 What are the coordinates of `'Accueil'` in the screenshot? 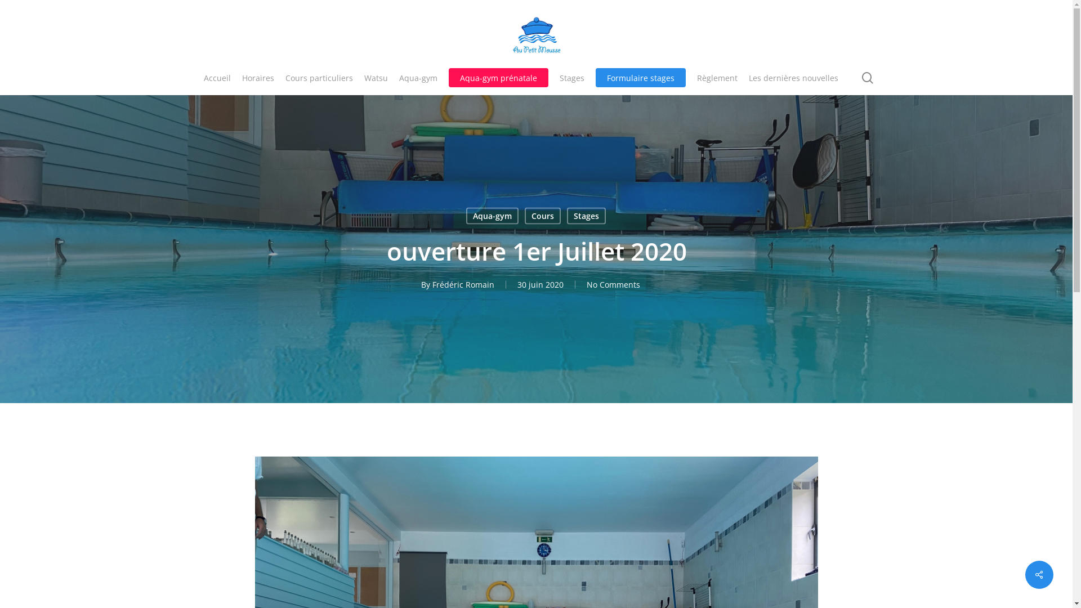 It's located at (217, 77).